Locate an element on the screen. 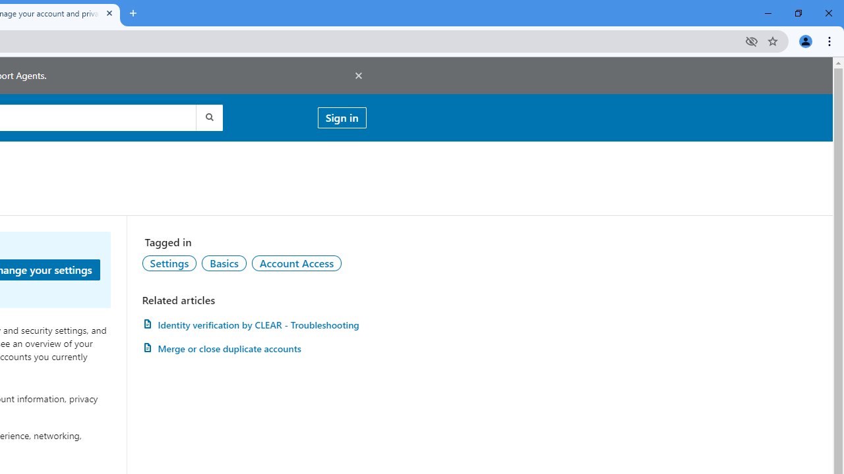 Image resolution: width=844 pixels, height=474 pixels. 'Basics' is located at coordinates (224, 263).